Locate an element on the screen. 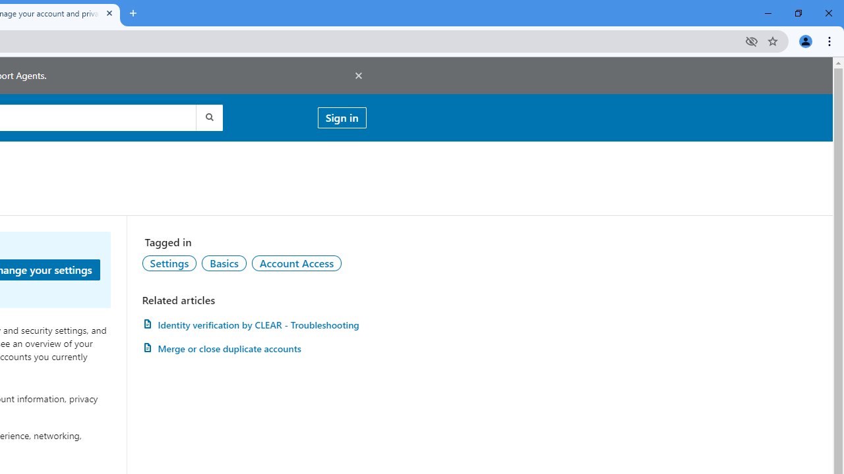 Image resolution: width=844 pixels, height=474 pixels. 'Basics' is located at coordinates (224, 263).